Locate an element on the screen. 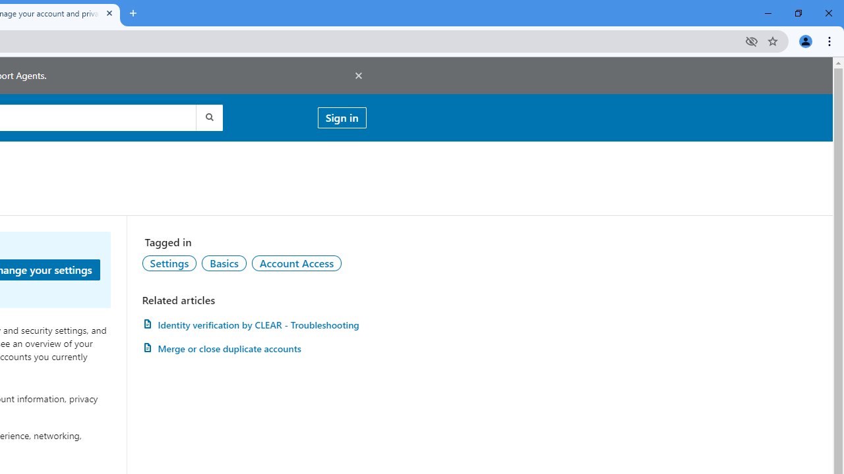 Image resolution: width=844 pixels, height=474 pixels. 'Basics' is located at coordinates (224, 263).